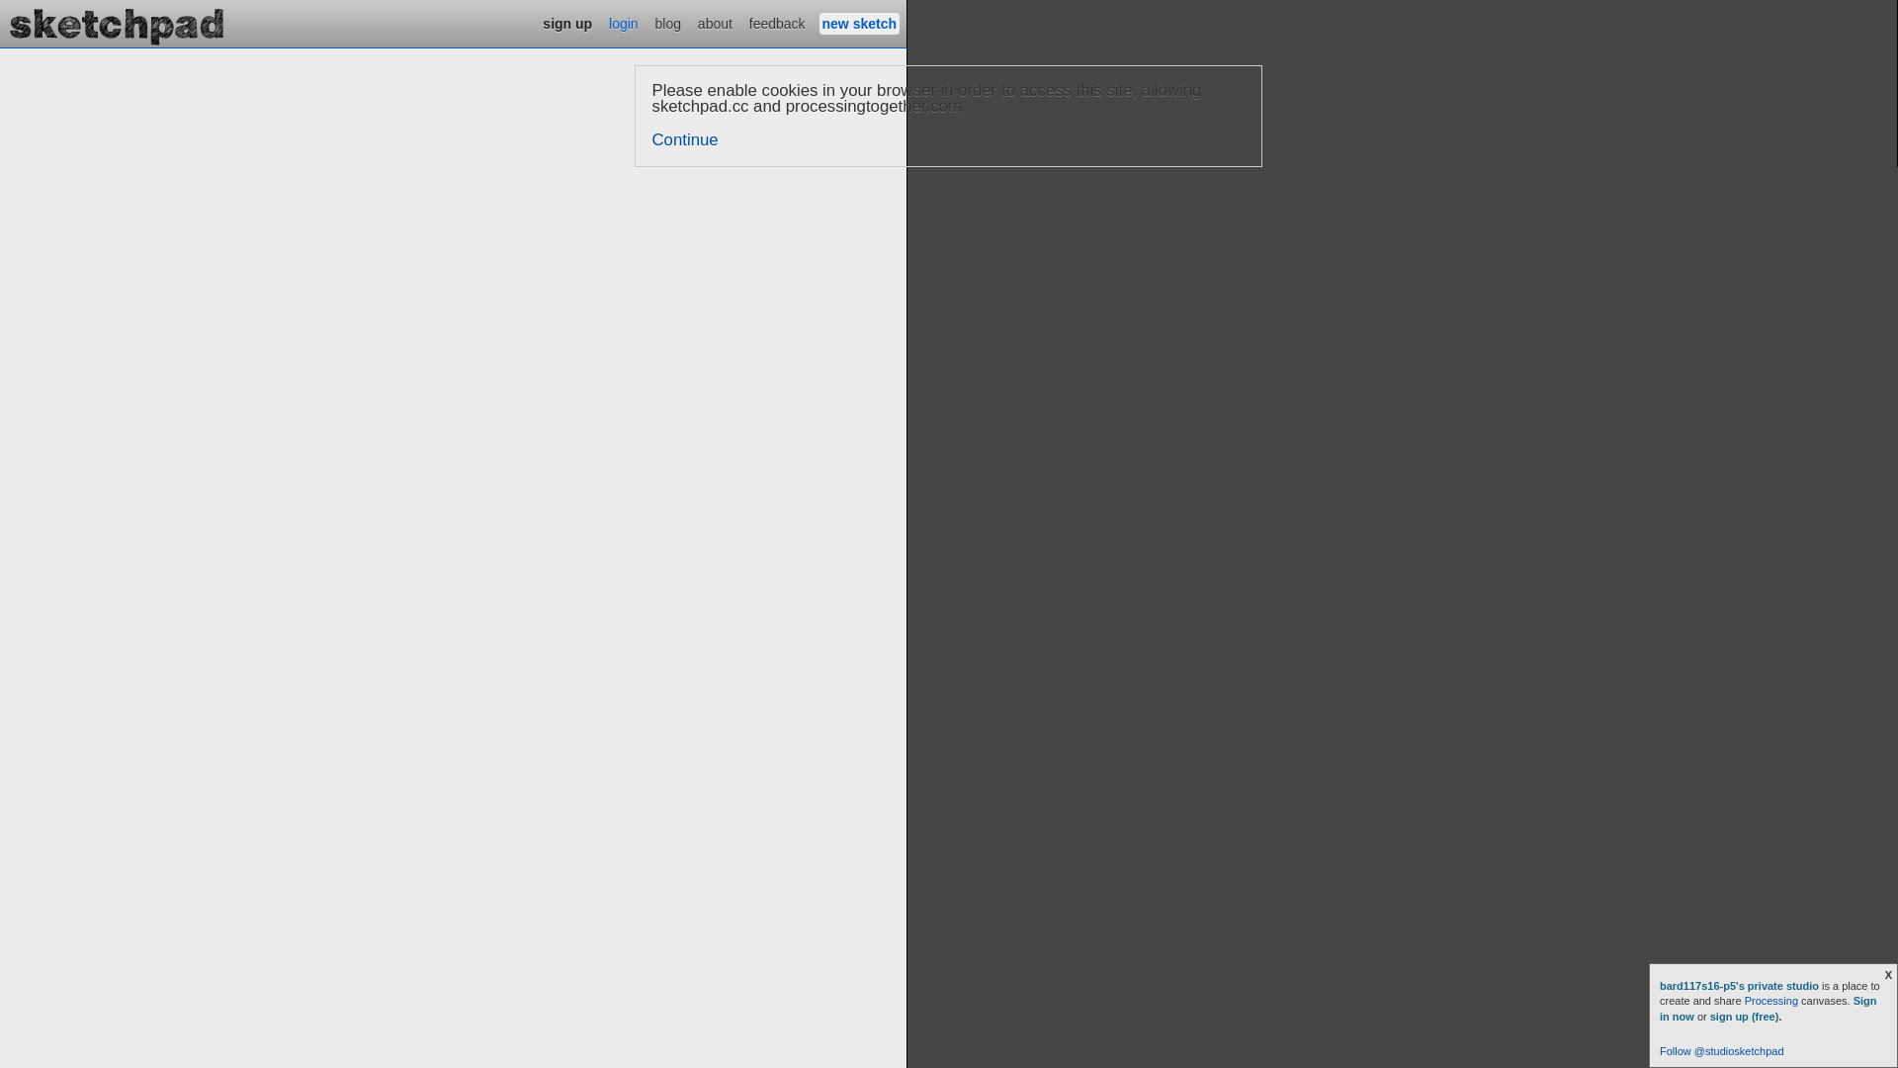  What do you see at coordinates (685, 138) in the screenshot?
I see `'Continue'` at bounding box center [685, 138].